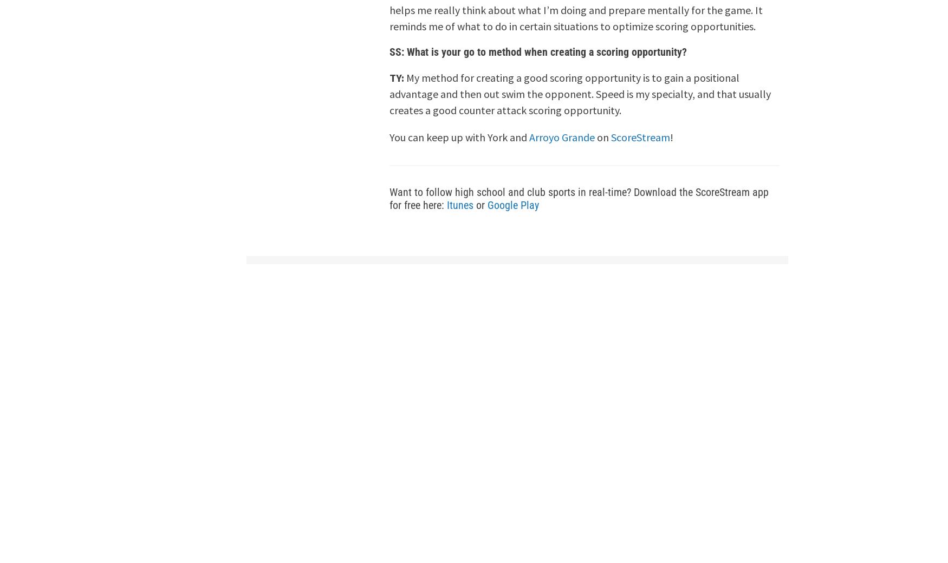  I want to click on 'My method for creating a good scoring opportunity is to gain a positional advantage and then out swim the opponent. Speed is my specialty, and that usually creates a good counter attack scoring opportunity.', so click(580, 94).